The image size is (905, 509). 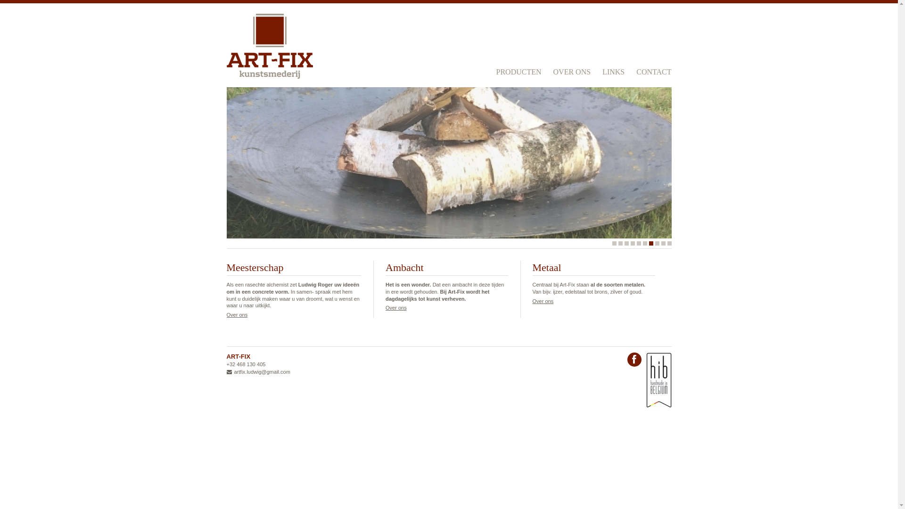 I want to click on 'CONTACT', so click(x=653, y=71).